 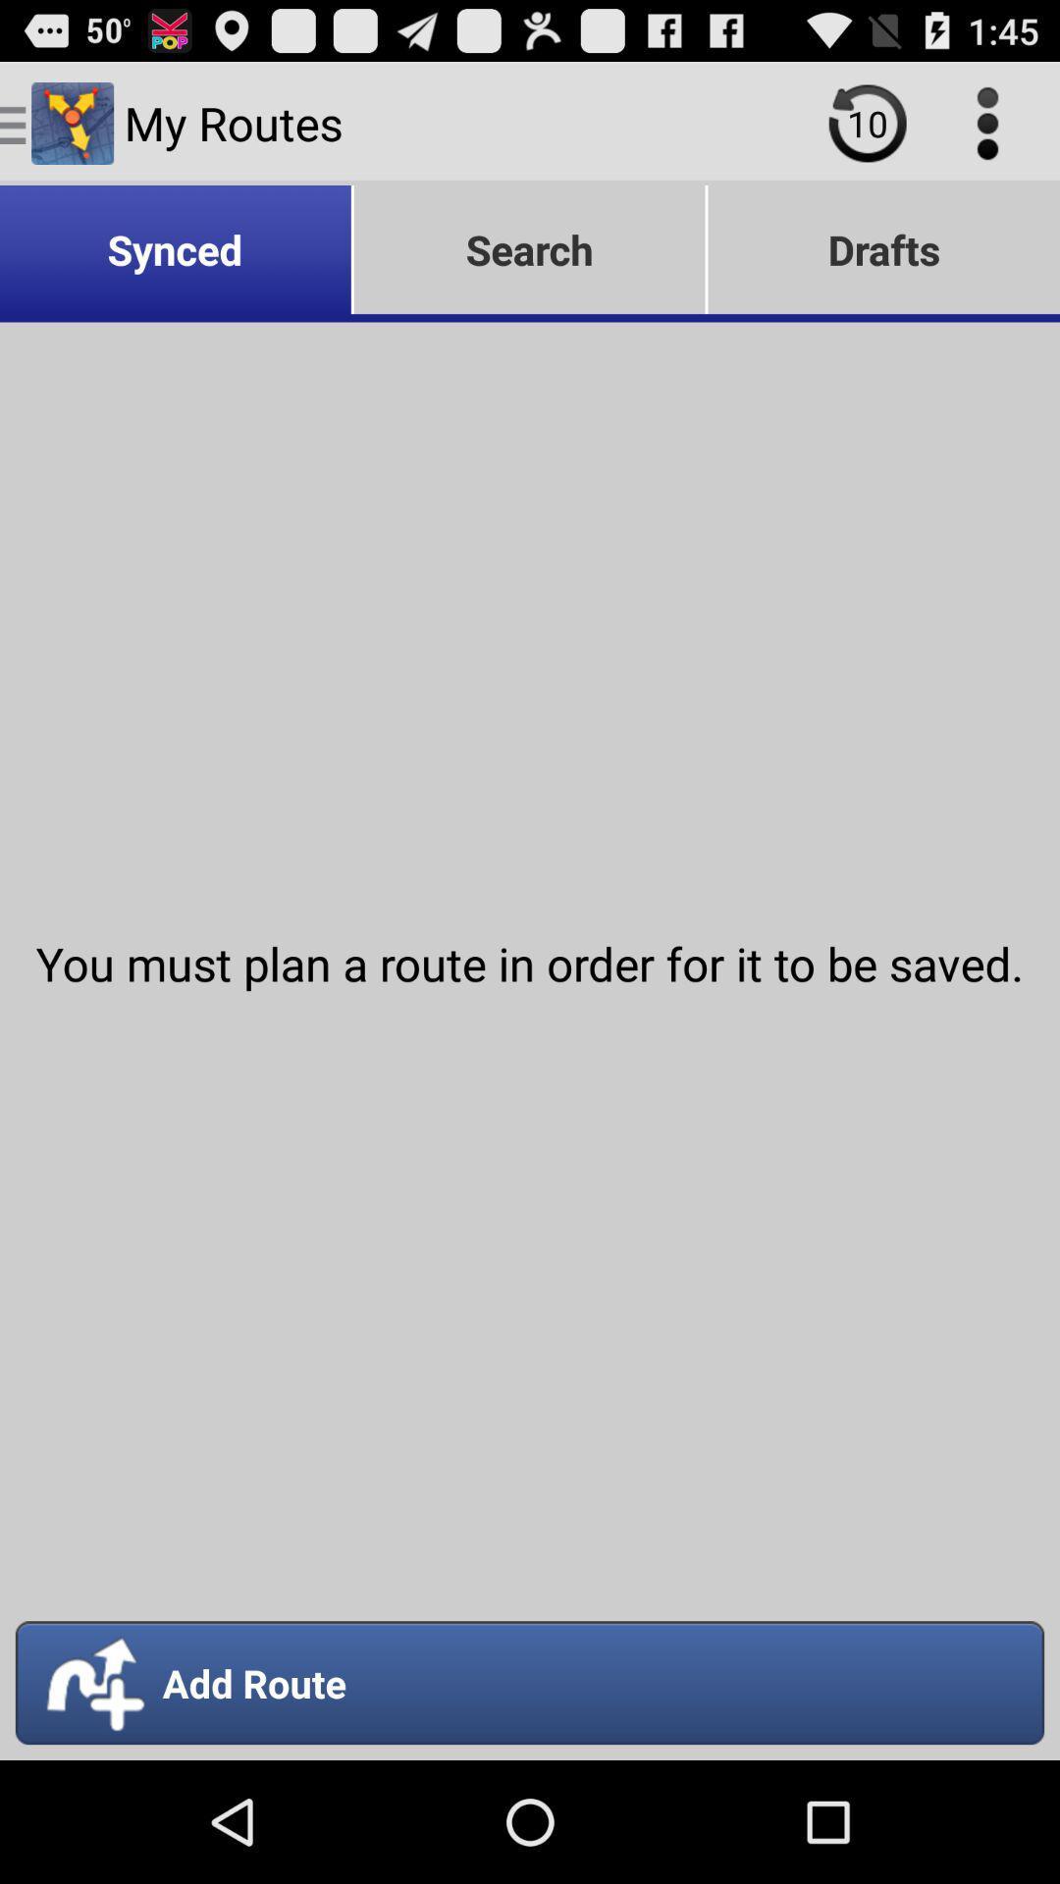 I want to click on icon above the drafts icon, so click(x=867, y=122).